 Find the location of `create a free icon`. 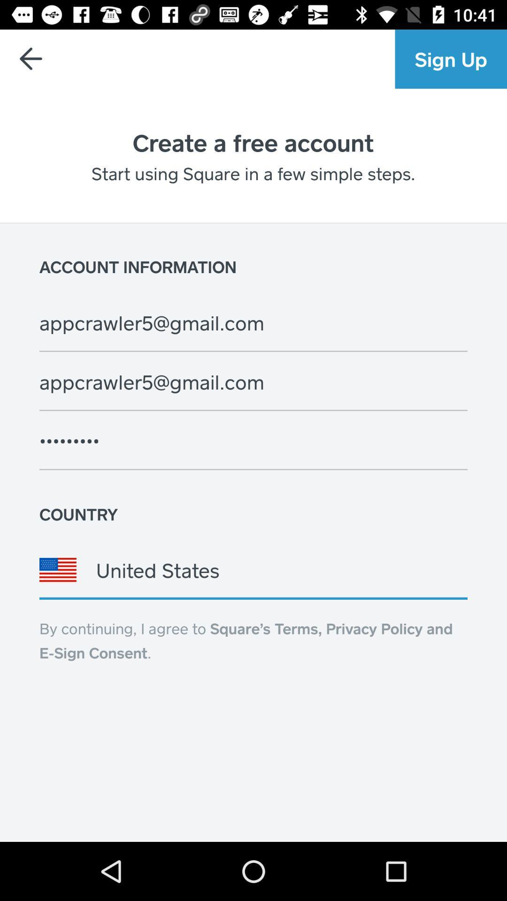

create a free icon is located at coordinates (253, 142).